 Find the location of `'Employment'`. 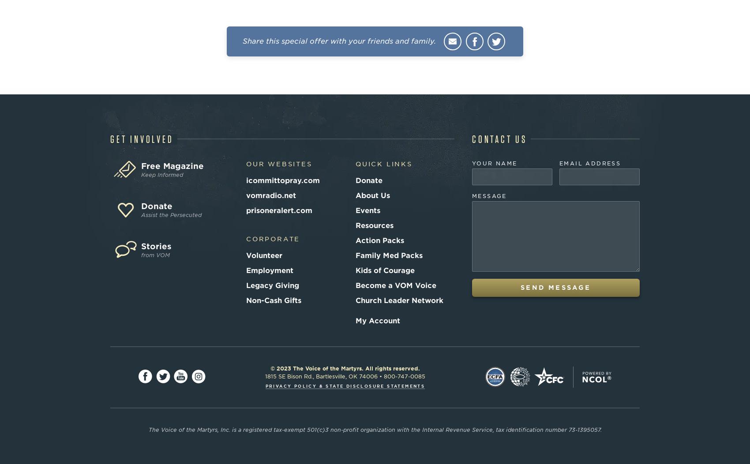

'Employment' is located at coordinates (245, 269).